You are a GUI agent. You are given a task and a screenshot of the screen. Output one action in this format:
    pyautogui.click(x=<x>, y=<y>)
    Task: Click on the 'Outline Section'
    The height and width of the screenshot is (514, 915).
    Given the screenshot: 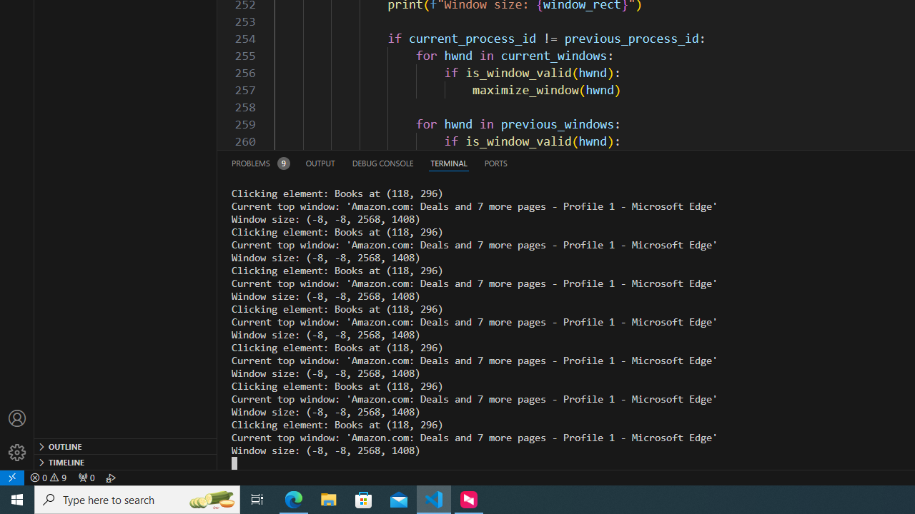 What is the action you would take?
    pyautogui.click(x=126, y=445)
    